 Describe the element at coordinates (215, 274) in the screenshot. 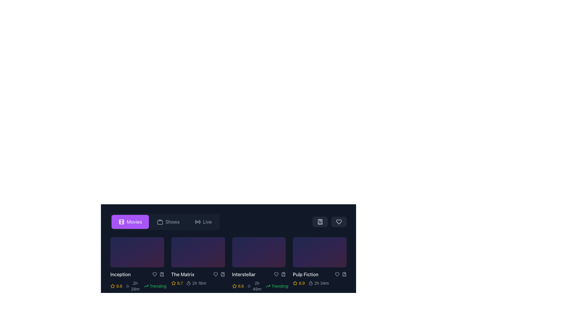

I see `the favorite marker icon located beneath the title 'The Matrix'` at that location.